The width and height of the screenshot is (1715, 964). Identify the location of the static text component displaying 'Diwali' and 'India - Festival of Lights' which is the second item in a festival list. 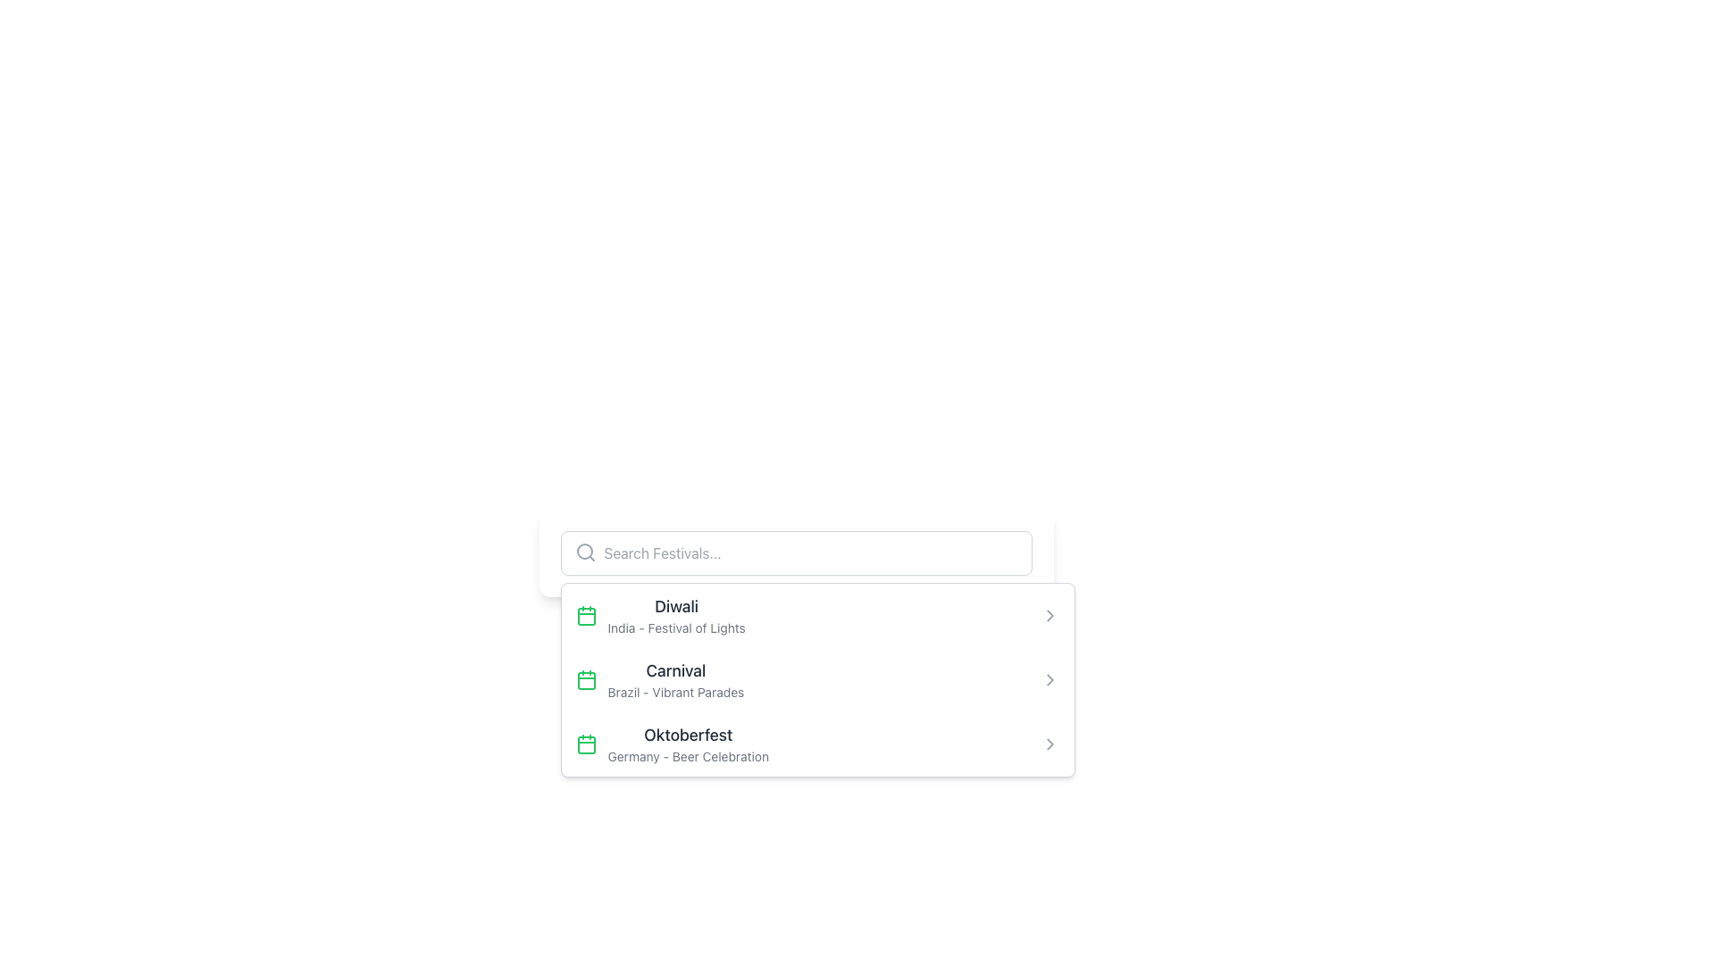
(675, 615).